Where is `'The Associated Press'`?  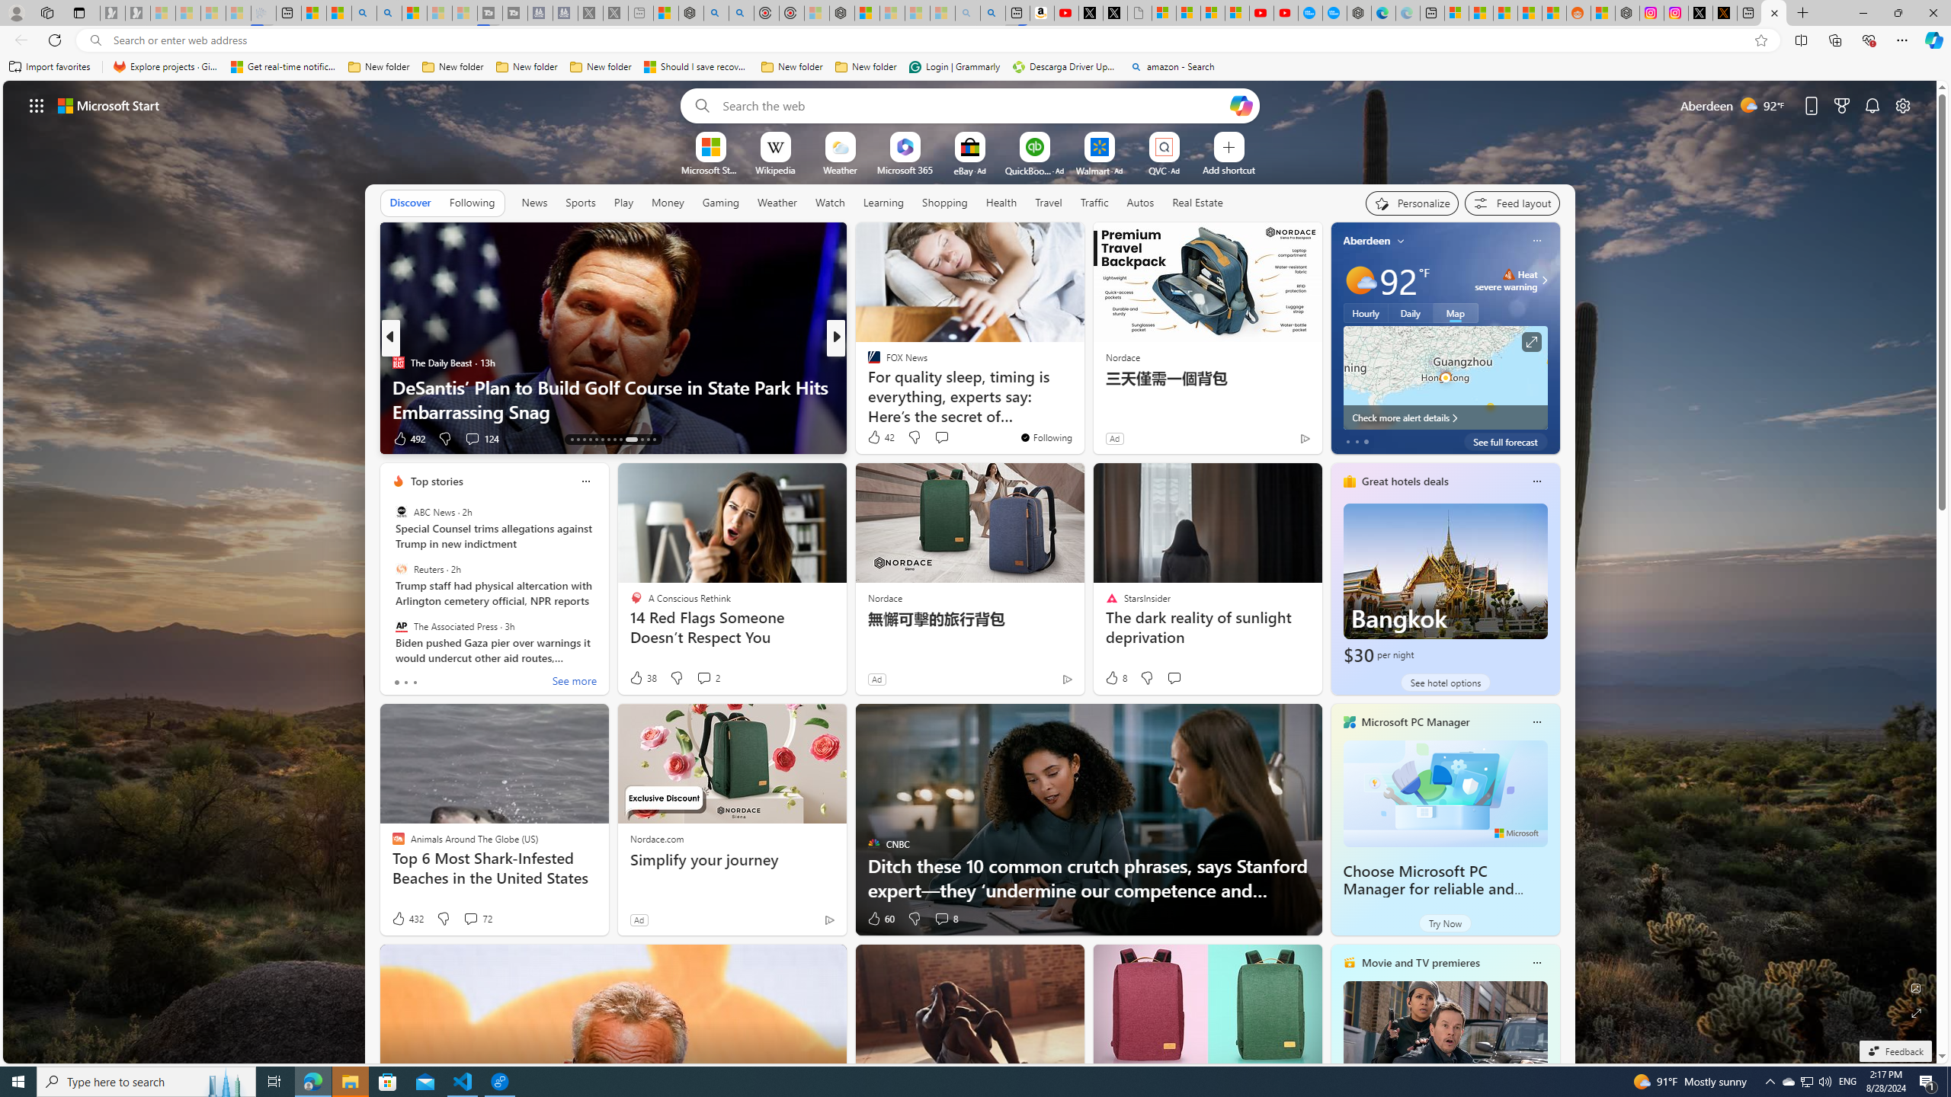
'The Associated Press' is located at coordinates (400, 625).